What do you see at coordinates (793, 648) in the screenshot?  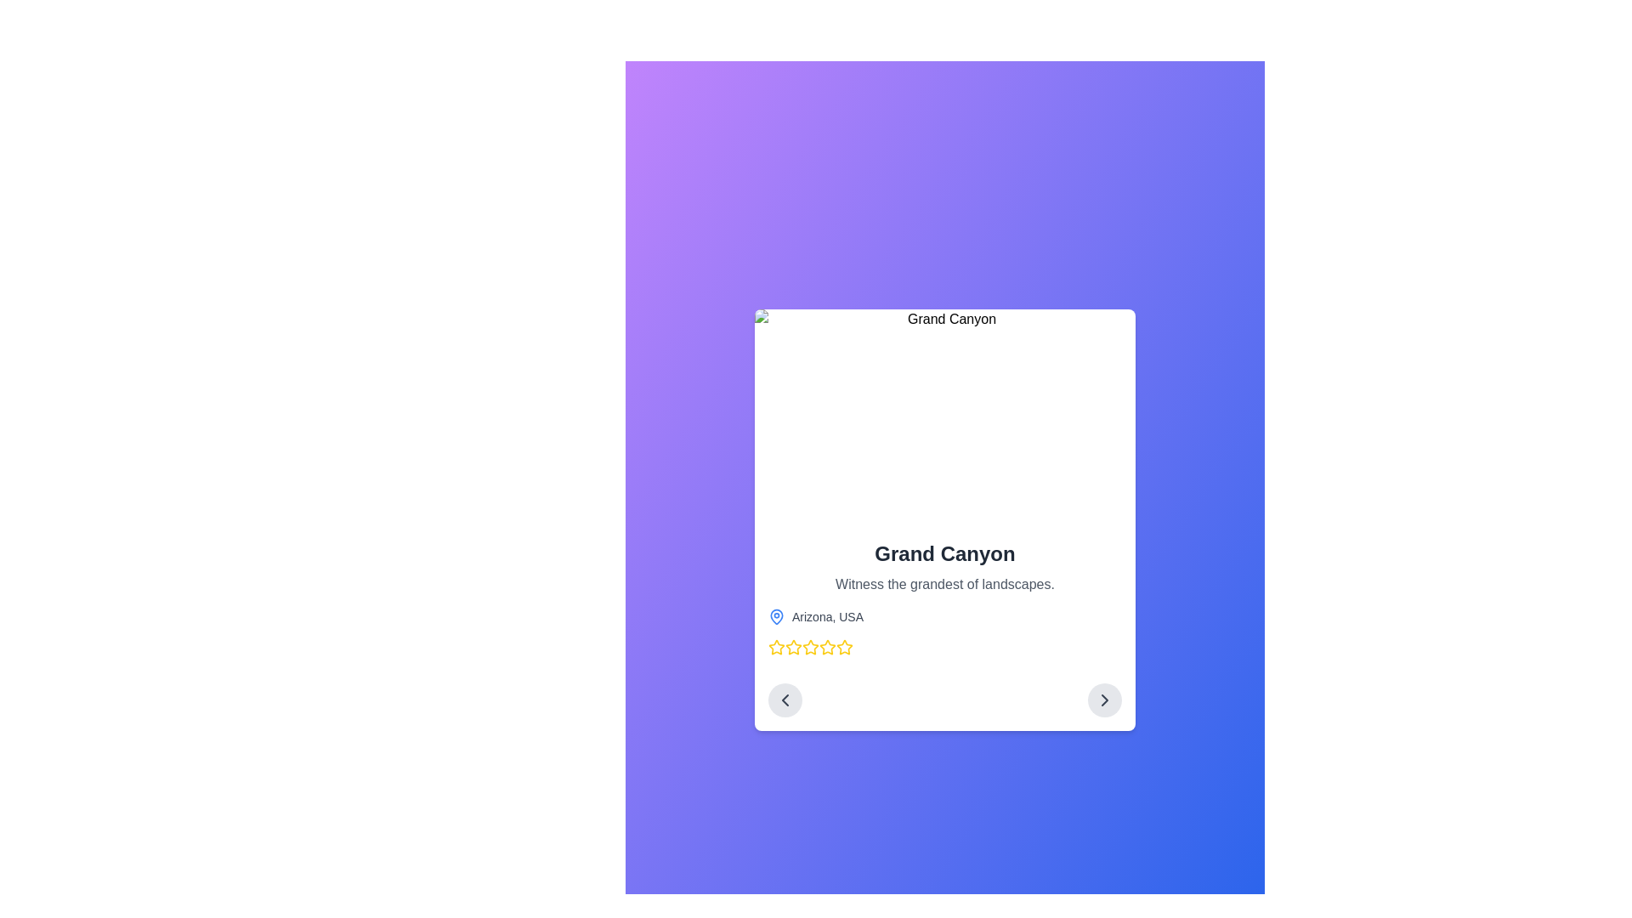 I see `the third star-shaped rating icon with a yellow border located below the text 'Arizona, USA'` at bounding box center [793, 648].